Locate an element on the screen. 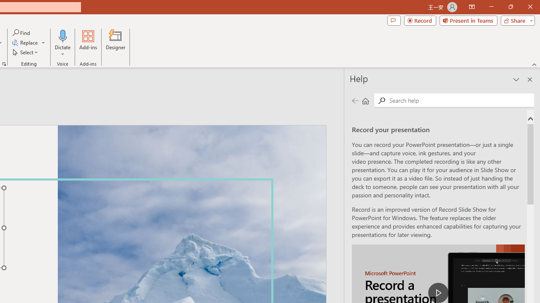 The width and height of the screenshot is (540, 303). 'Restore Down' is located at coordinates (510, 7).